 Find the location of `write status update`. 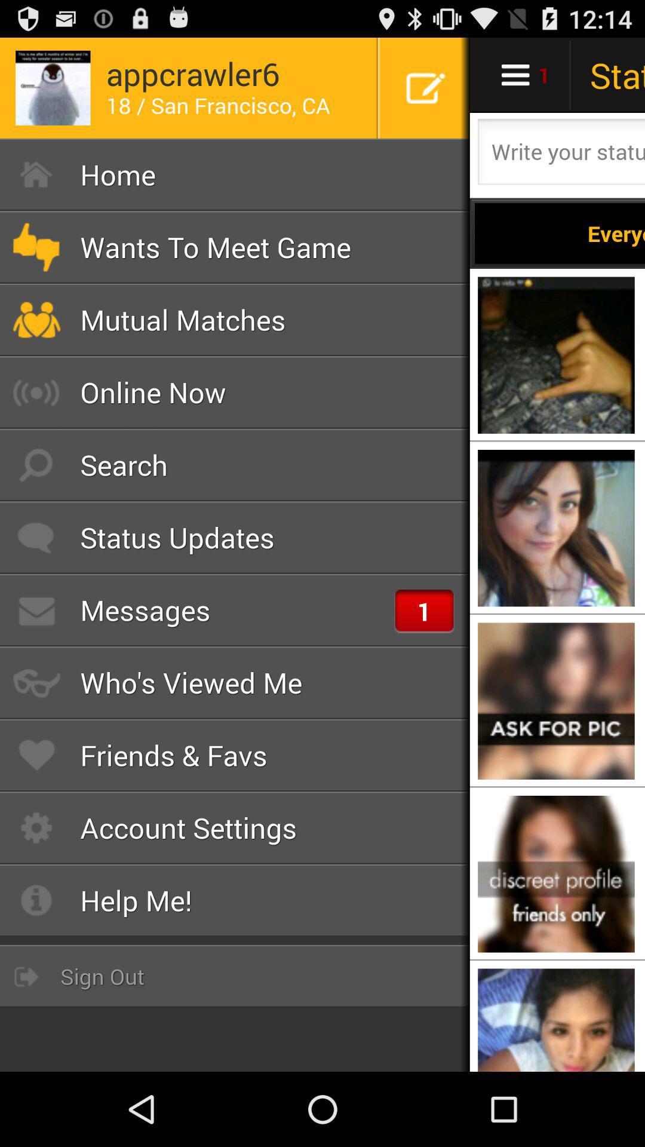

write status update is located at coordinates (560, 155).